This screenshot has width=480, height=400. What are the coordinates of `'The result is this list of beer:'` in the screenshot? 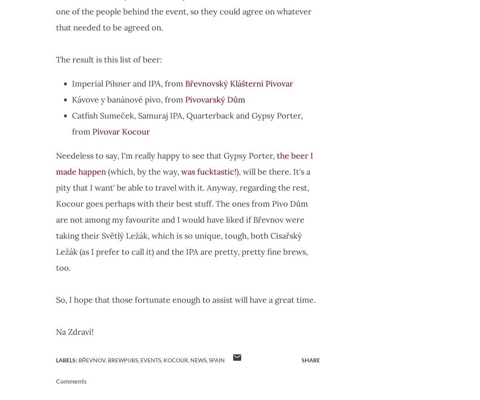 It's located at (108, 59).